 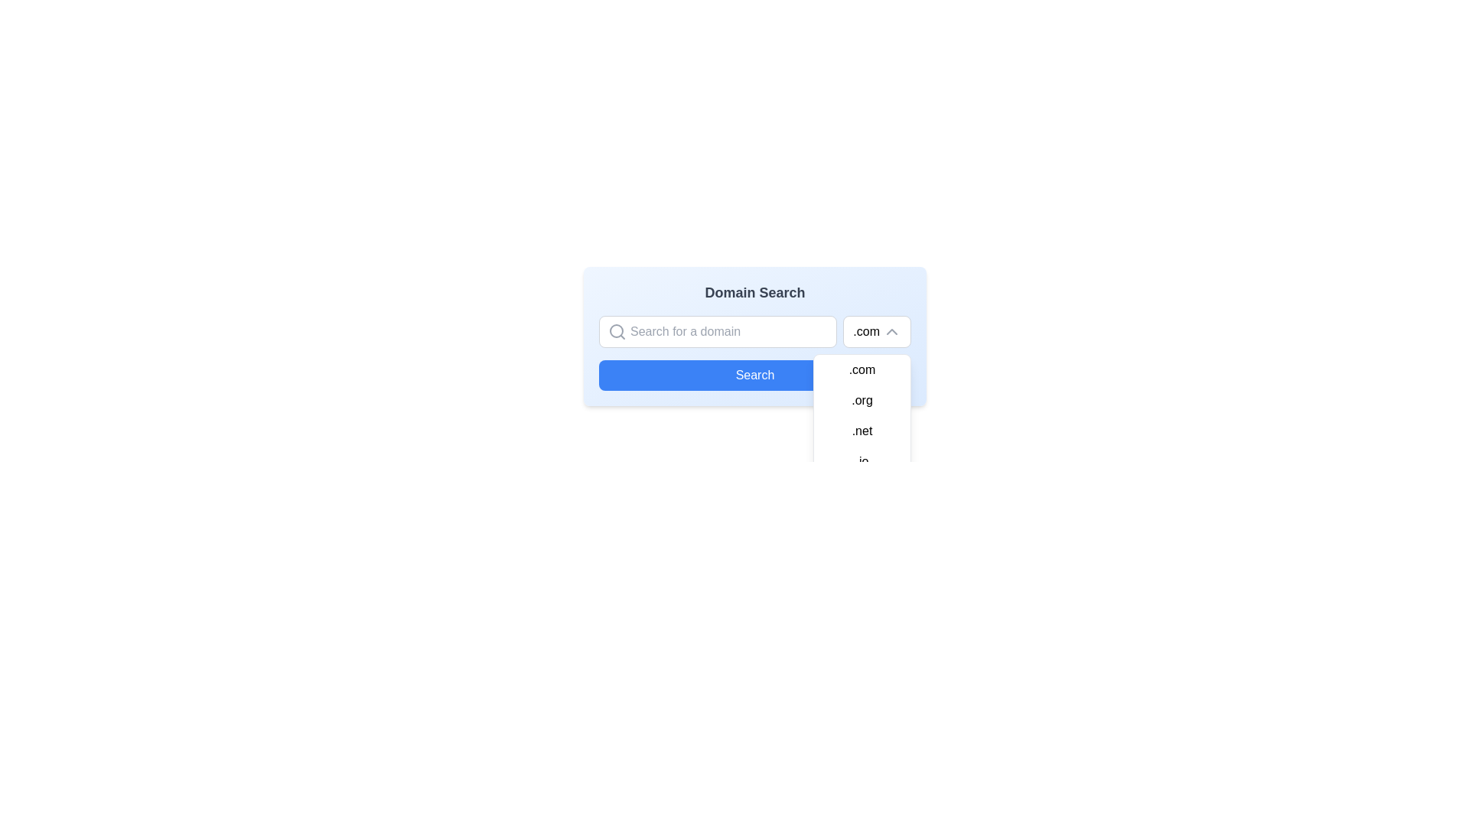 I want to click on the circular element representing the lens of the magnifying glass icon, which is located to the left of the 'Search for a domain' text input field, so click(x=617, y=330).